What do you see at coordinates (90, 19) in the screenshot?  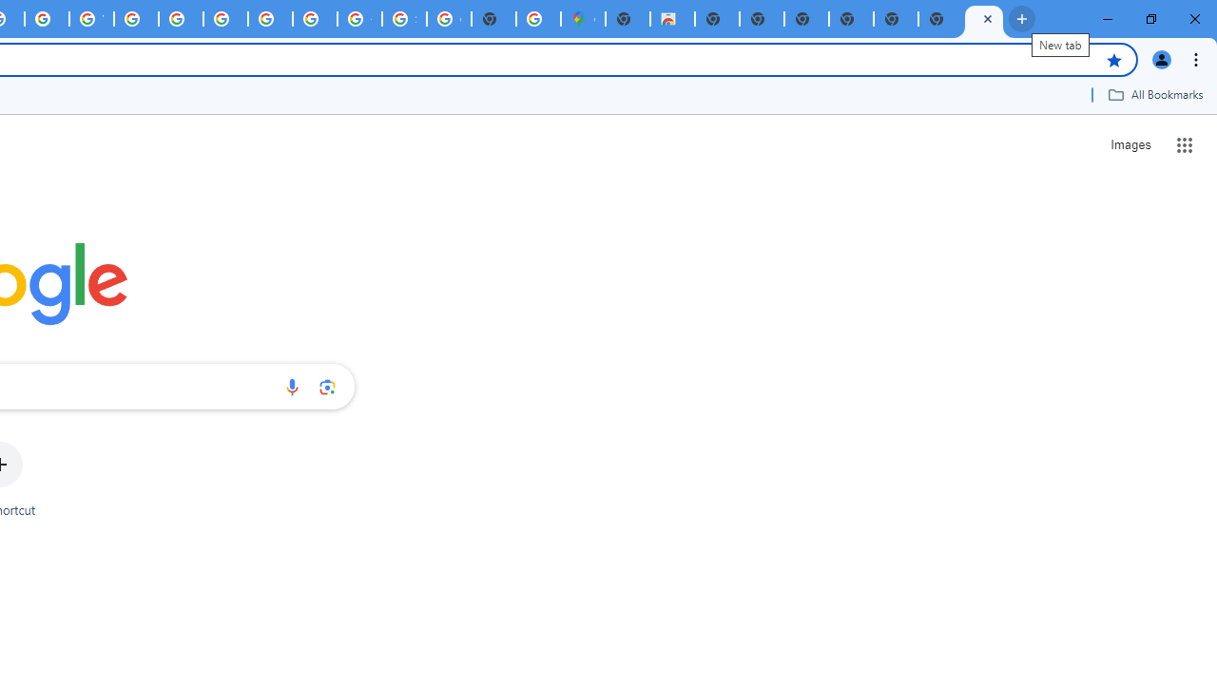 I see `'YouTube'` at bounding box center [90, 19].